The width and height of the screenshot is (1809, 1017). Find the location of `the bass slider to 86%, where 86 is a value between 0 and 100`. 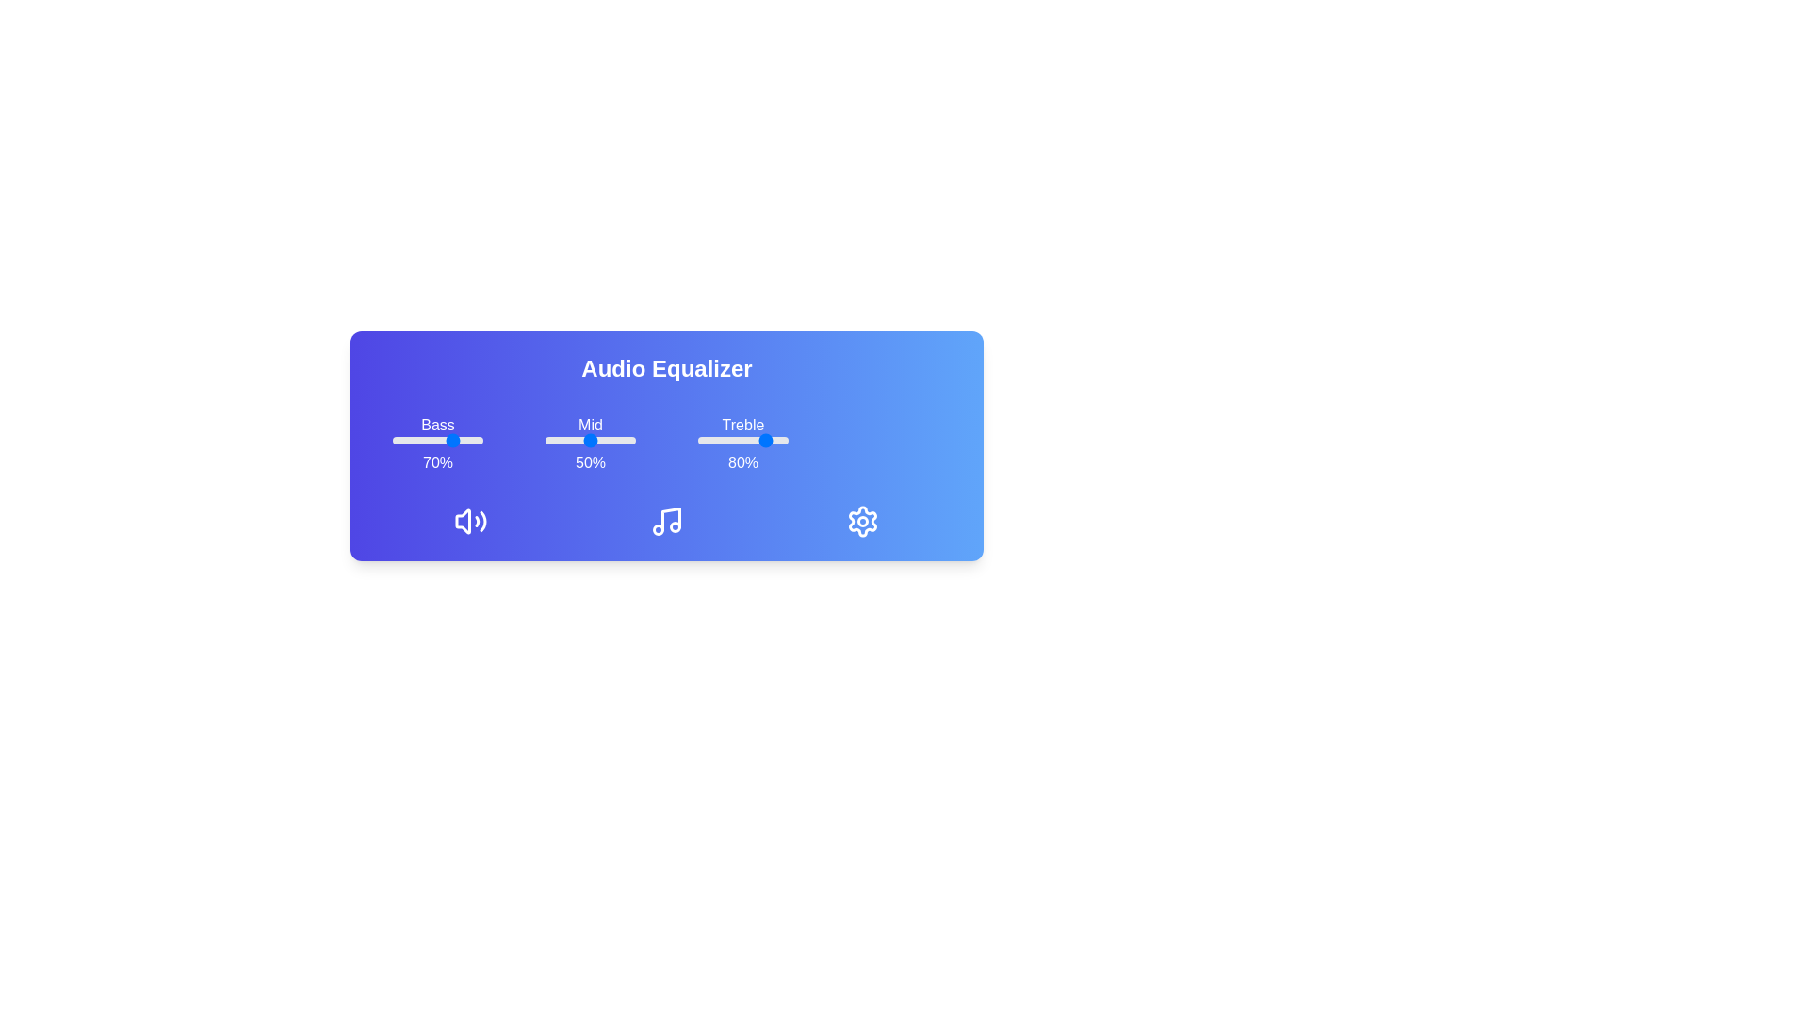

the bass slider to 86%, where 86 is a value between 0 and 100 is located at coordinates (470, 440).